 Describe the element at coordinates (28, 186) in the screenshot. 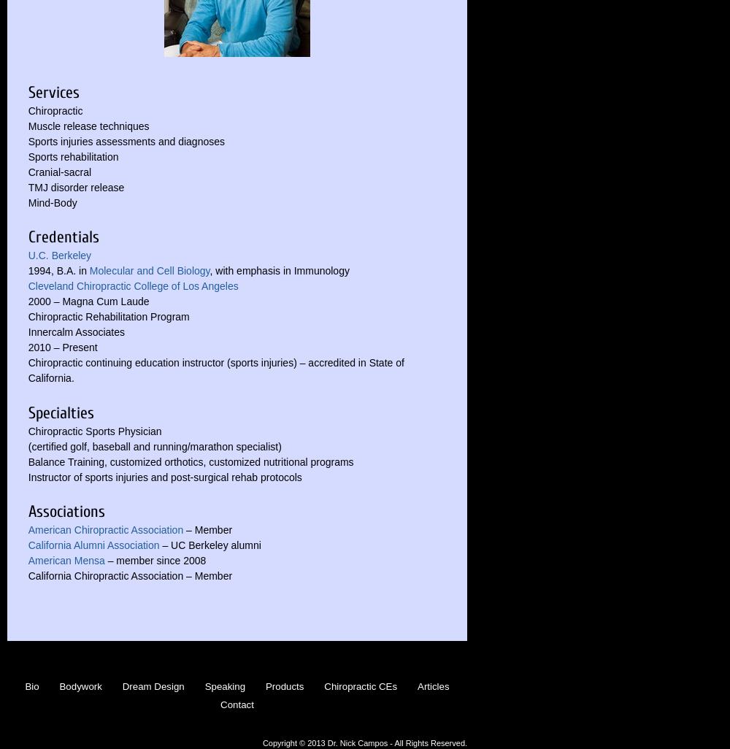

I see `'TMJ disorder release'` at that location.